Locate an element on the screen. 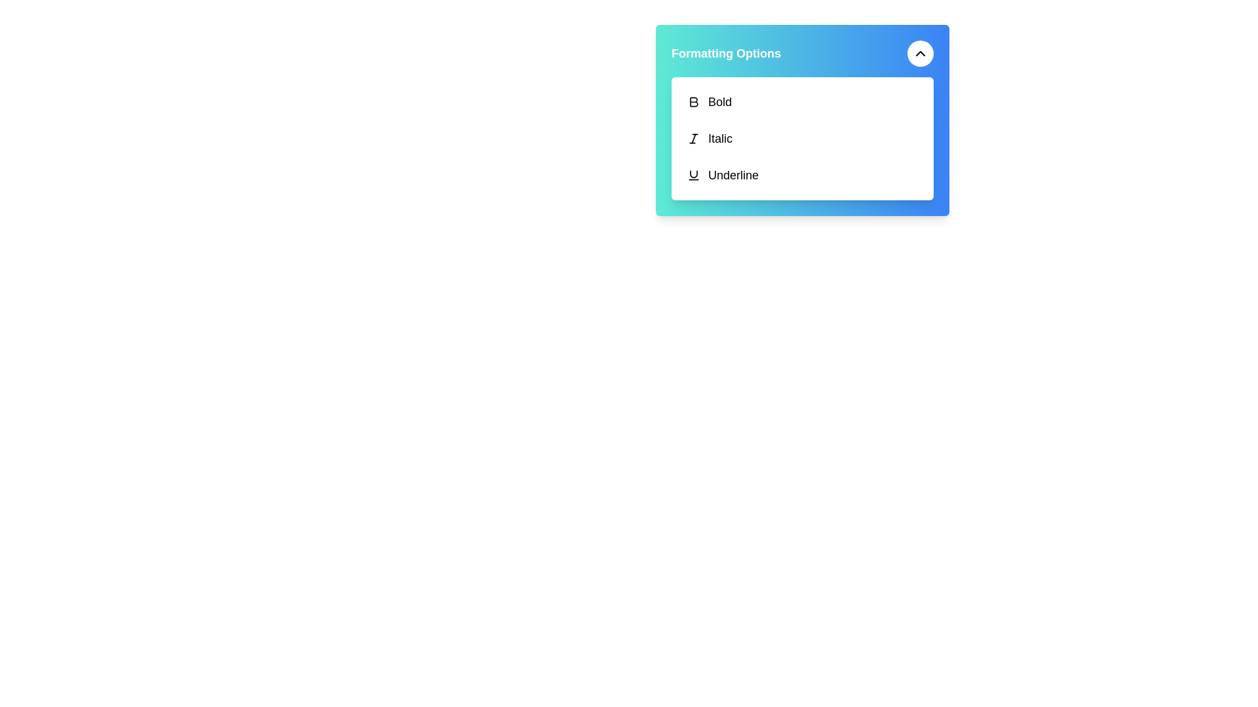 This screenshot has width=1258, height=707. the bold formatting icon located in the top portion of the 'Formatting Options' box to apply bold formatting to the selected text is located at coordinates (693, 101).